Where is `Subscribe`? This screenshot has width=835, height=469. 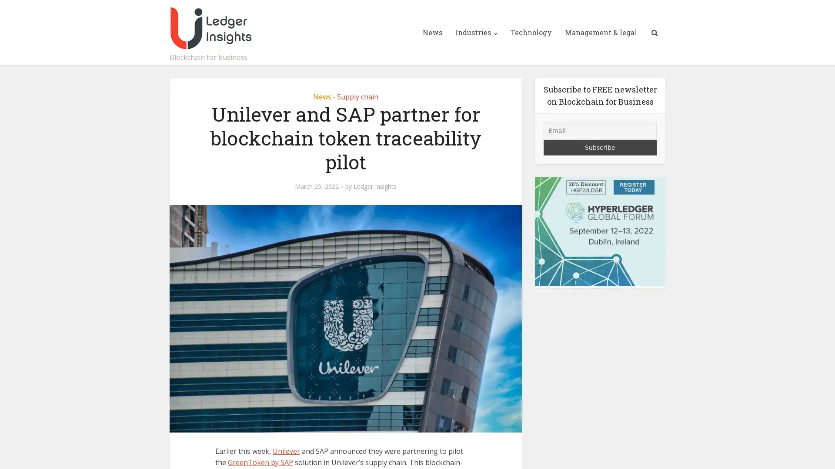 Subscribe is located at coordinates (600, 147).